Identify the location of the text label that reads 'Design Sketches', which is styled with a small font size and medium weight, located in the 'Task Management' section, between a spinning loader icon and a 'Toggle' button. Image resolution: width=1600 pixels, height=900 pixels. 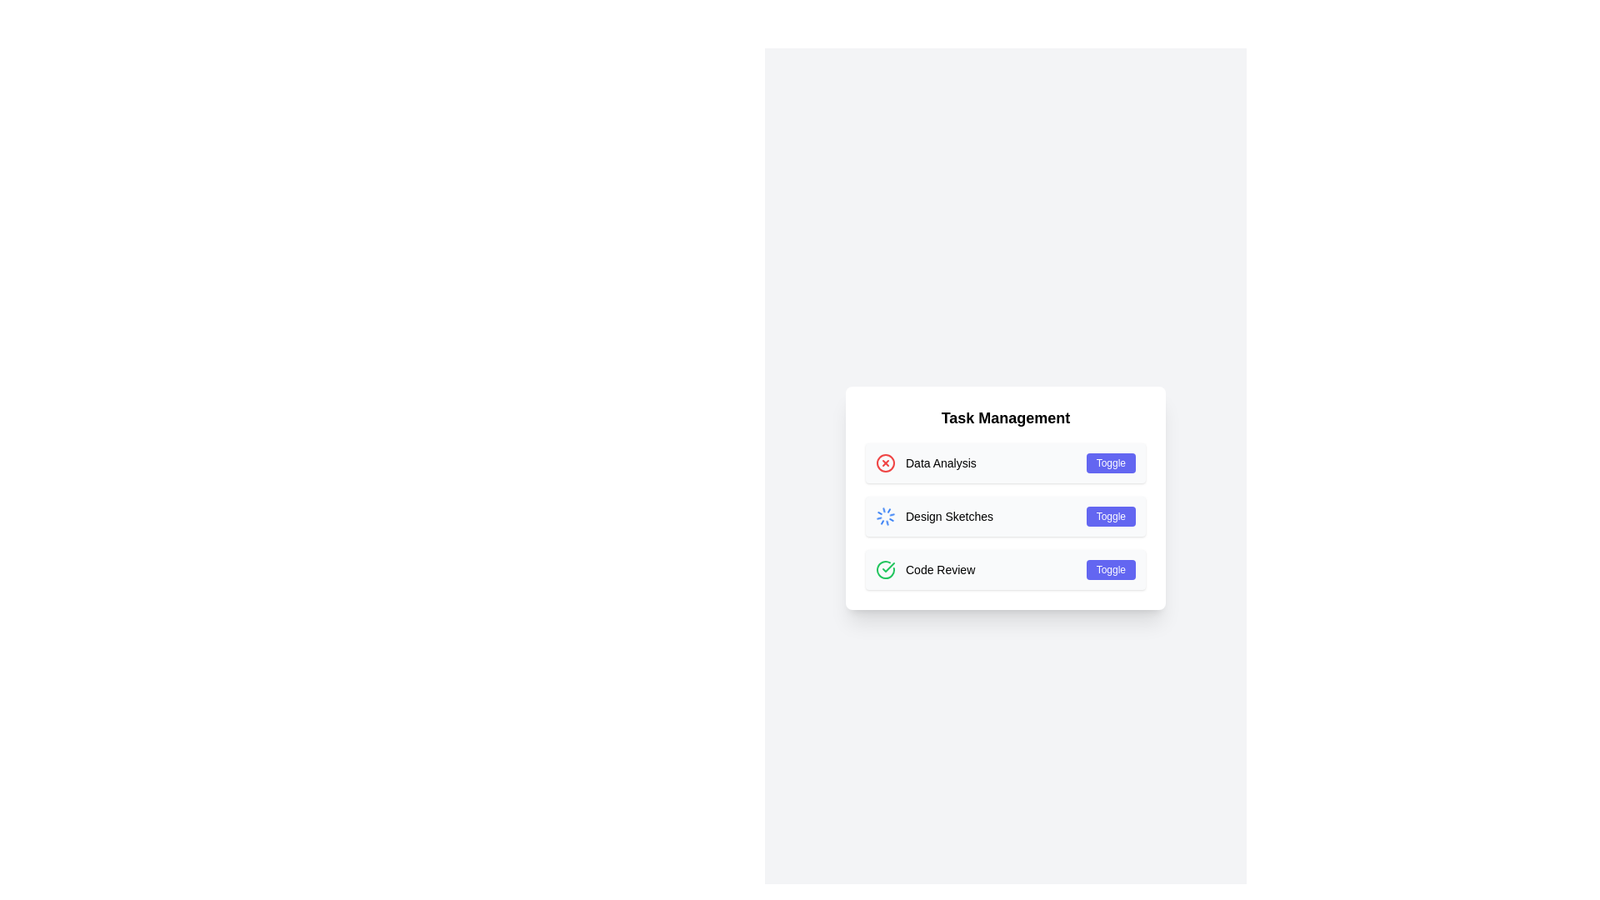
(949, 516).